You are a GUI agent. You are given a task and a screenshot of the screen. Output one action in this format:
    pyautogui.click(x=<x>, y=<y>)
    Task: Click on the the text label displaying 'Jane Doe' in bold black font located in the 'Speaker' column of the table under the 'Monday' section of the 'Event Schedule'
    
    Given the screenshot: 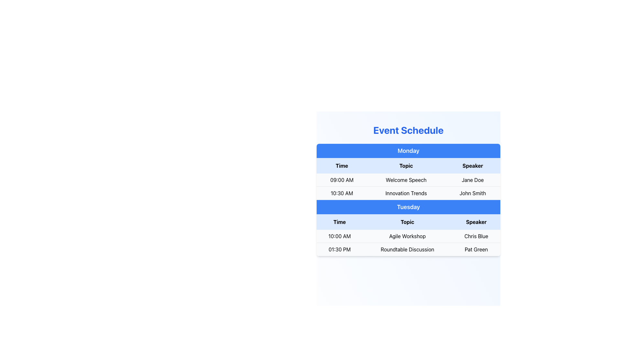 What is the action you would take?
    pyautogui.click(x=473, y=180)
    